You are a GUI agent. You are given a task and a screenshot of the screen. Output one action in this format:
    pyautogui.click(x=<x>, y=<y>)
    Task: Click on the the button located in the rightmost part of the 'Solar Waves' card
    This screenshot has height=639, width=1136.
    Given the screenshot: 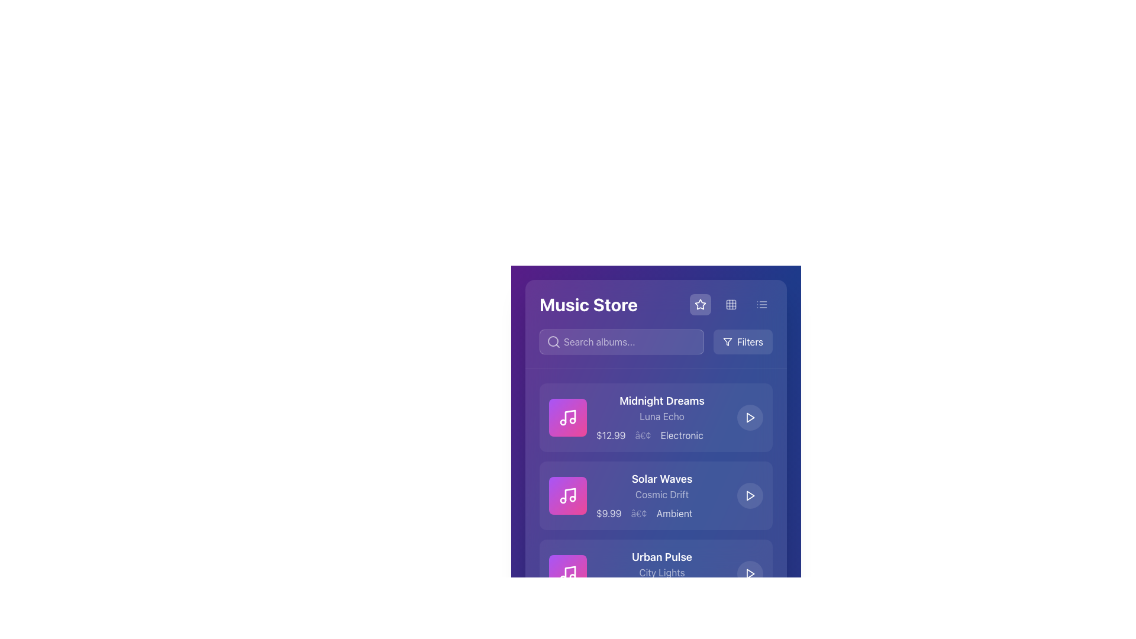 What is the action you would take?
    pyautogui.click(x=749, y=495)
    